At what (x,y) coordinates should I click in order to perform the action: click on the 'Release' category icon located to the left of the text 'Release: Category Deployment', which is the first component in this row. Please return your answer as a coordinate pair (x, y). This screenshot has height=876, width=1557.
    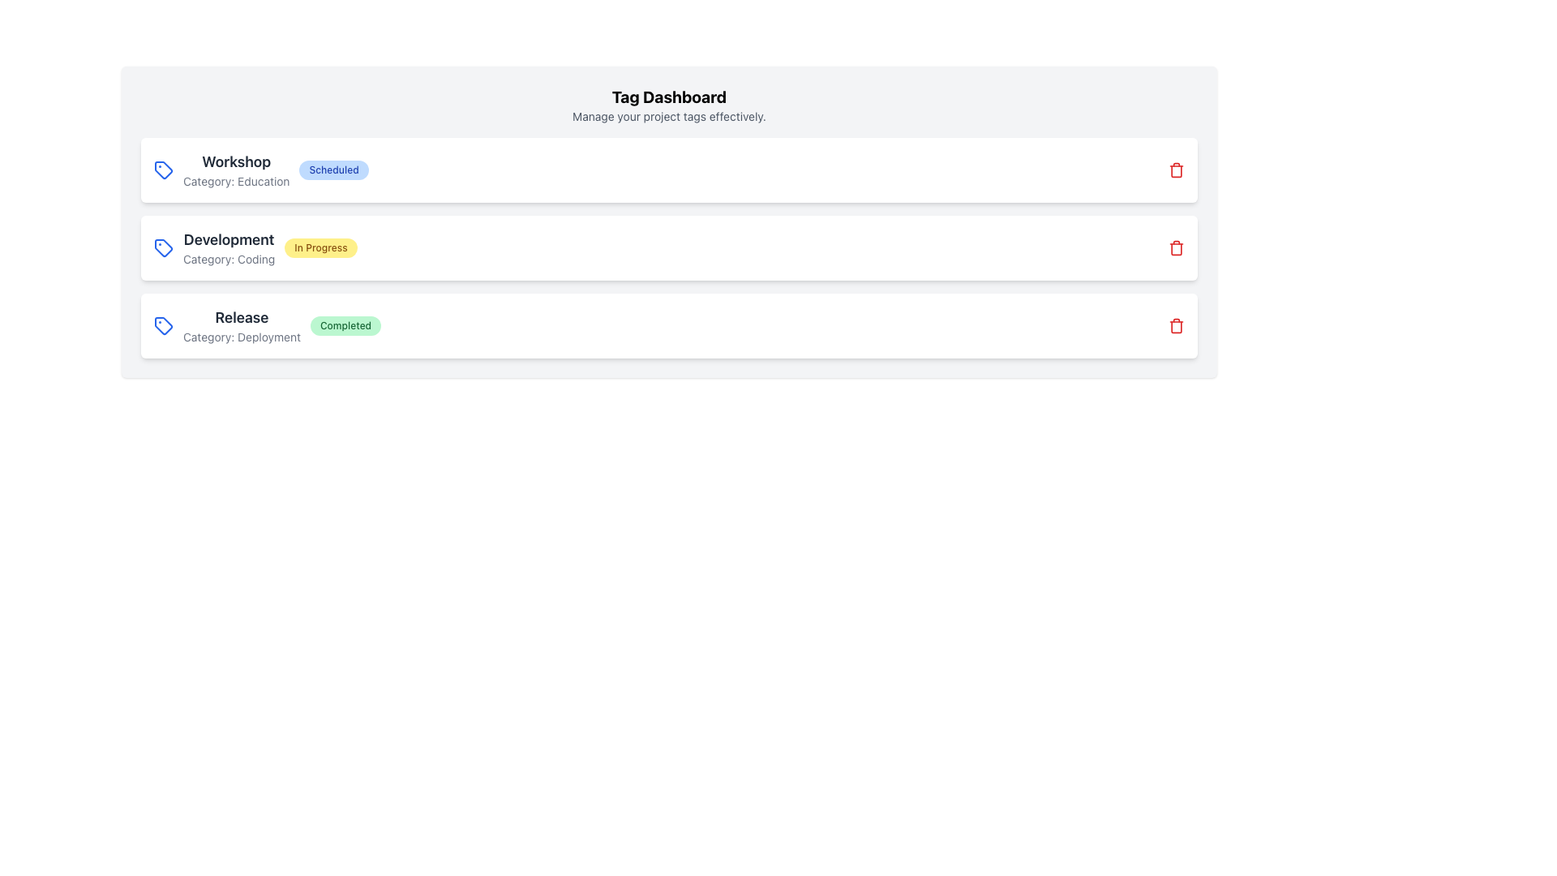
    Looking at the image, I should click on (163, 325).